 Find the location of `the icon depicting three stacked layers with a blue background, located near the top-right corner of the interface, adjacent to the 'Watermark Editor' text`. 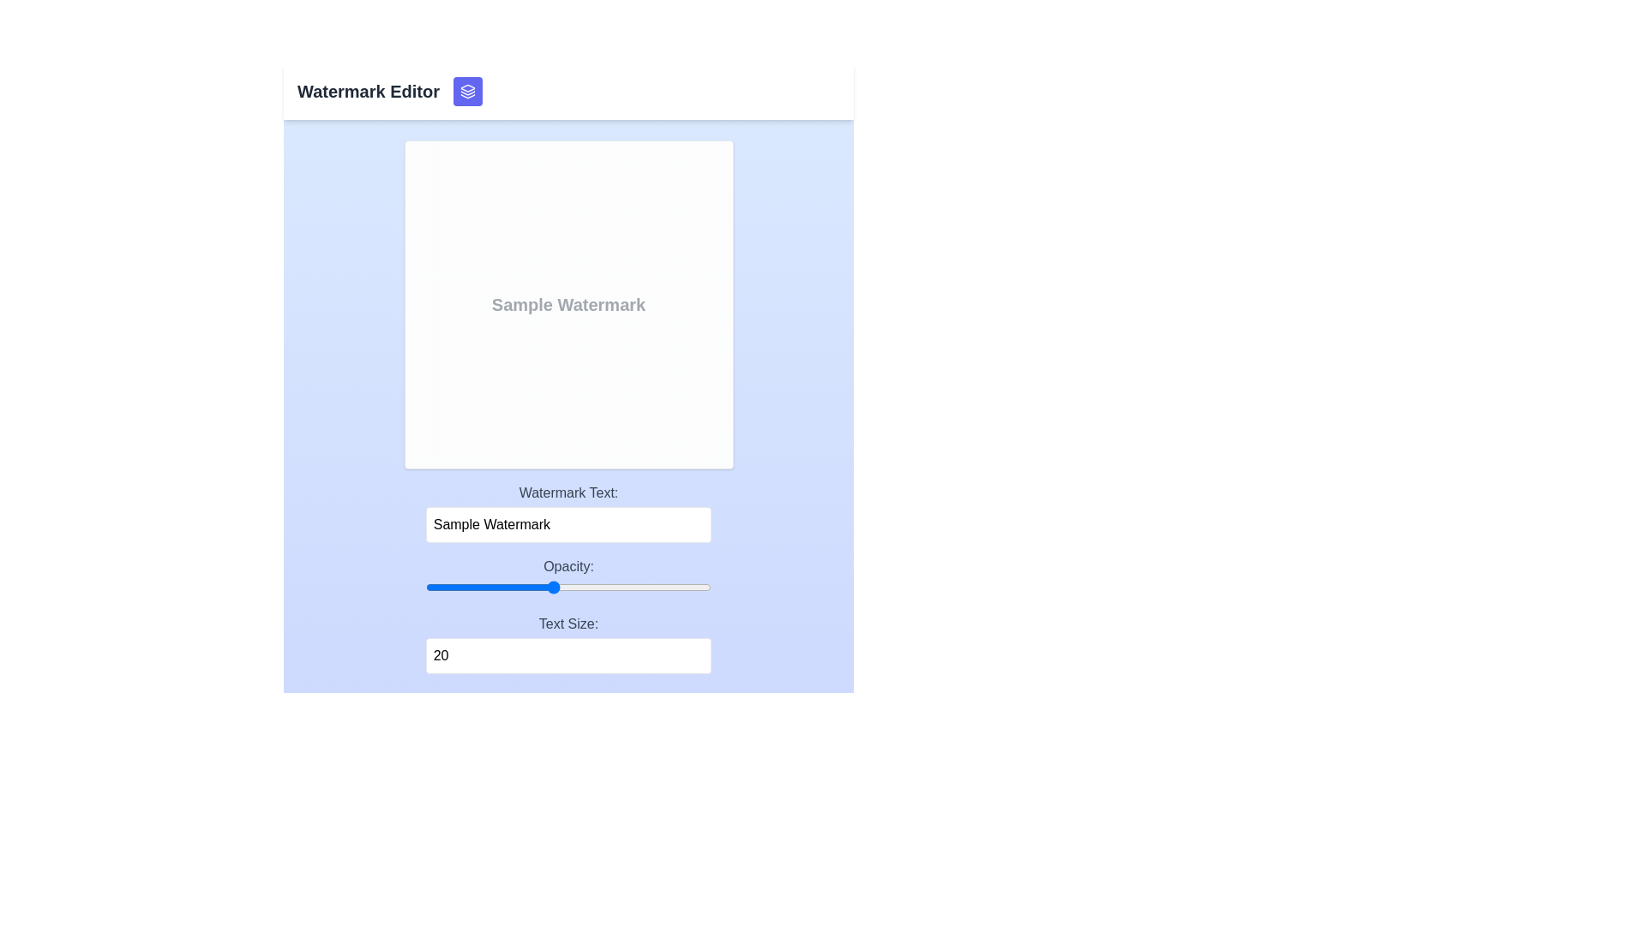

the icon depicting three stacked layers with a blue background, located near the top-right corner of the interface, adjacent to the 'Watermark Editor' text is located at coordinates (468, 92).